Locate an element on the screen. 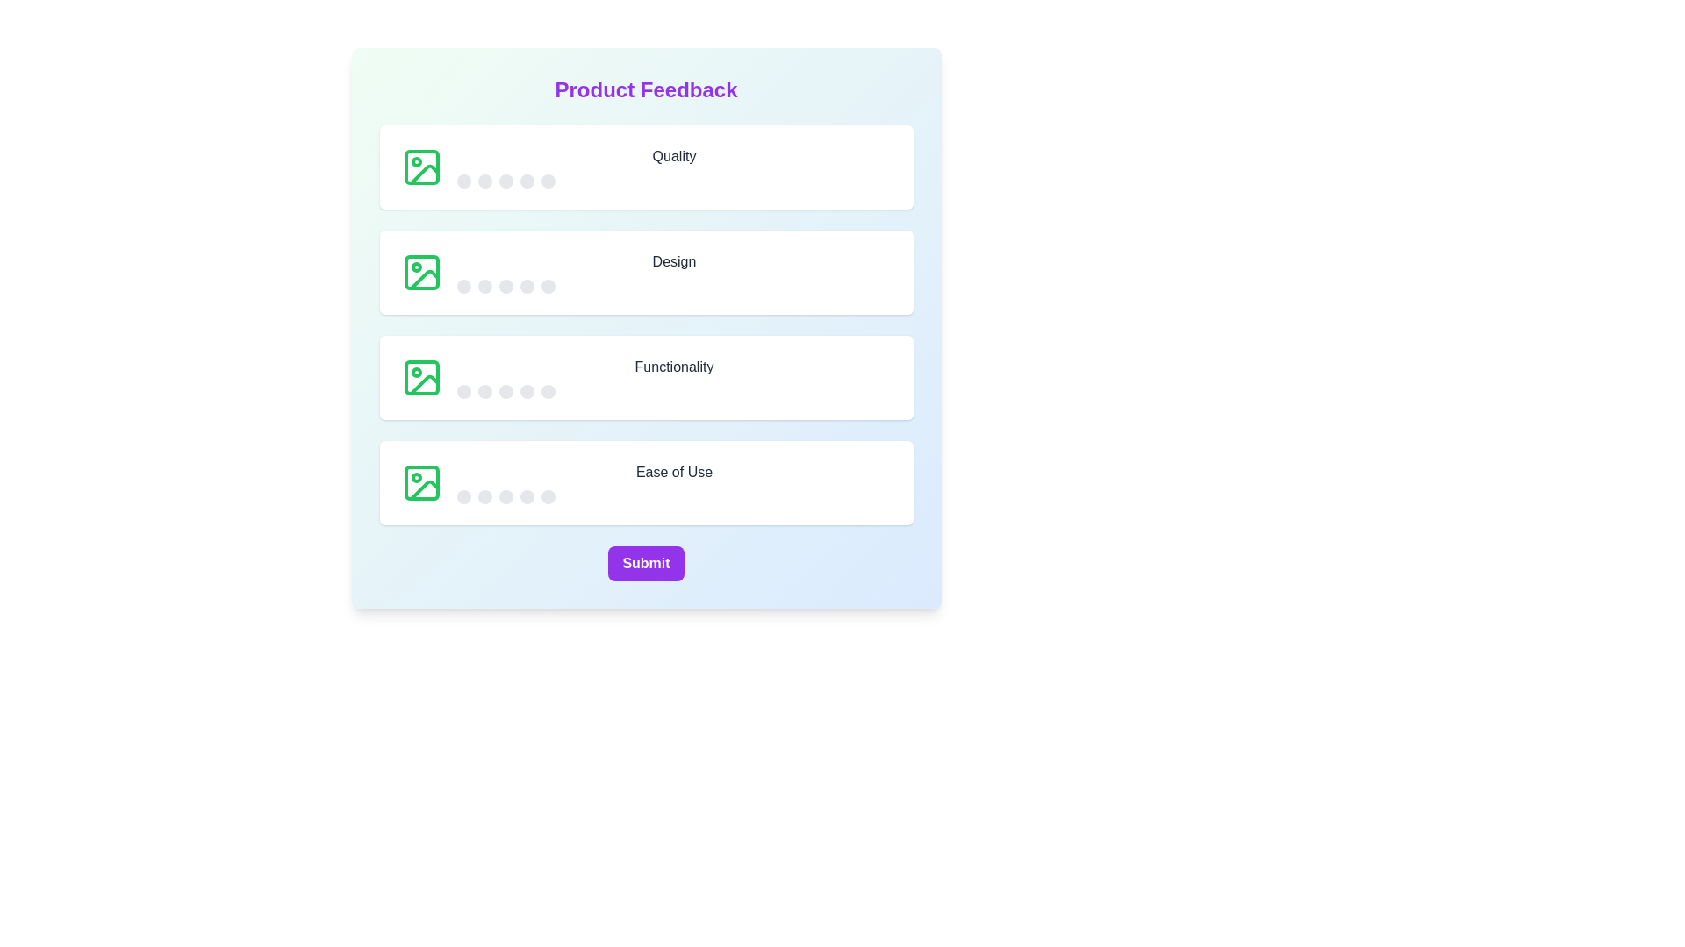 Image resolution: width=1685 pixels, height=947 pixels. the star corresponding to 2 for the 'Design' category is located at coordinates (484, 286).